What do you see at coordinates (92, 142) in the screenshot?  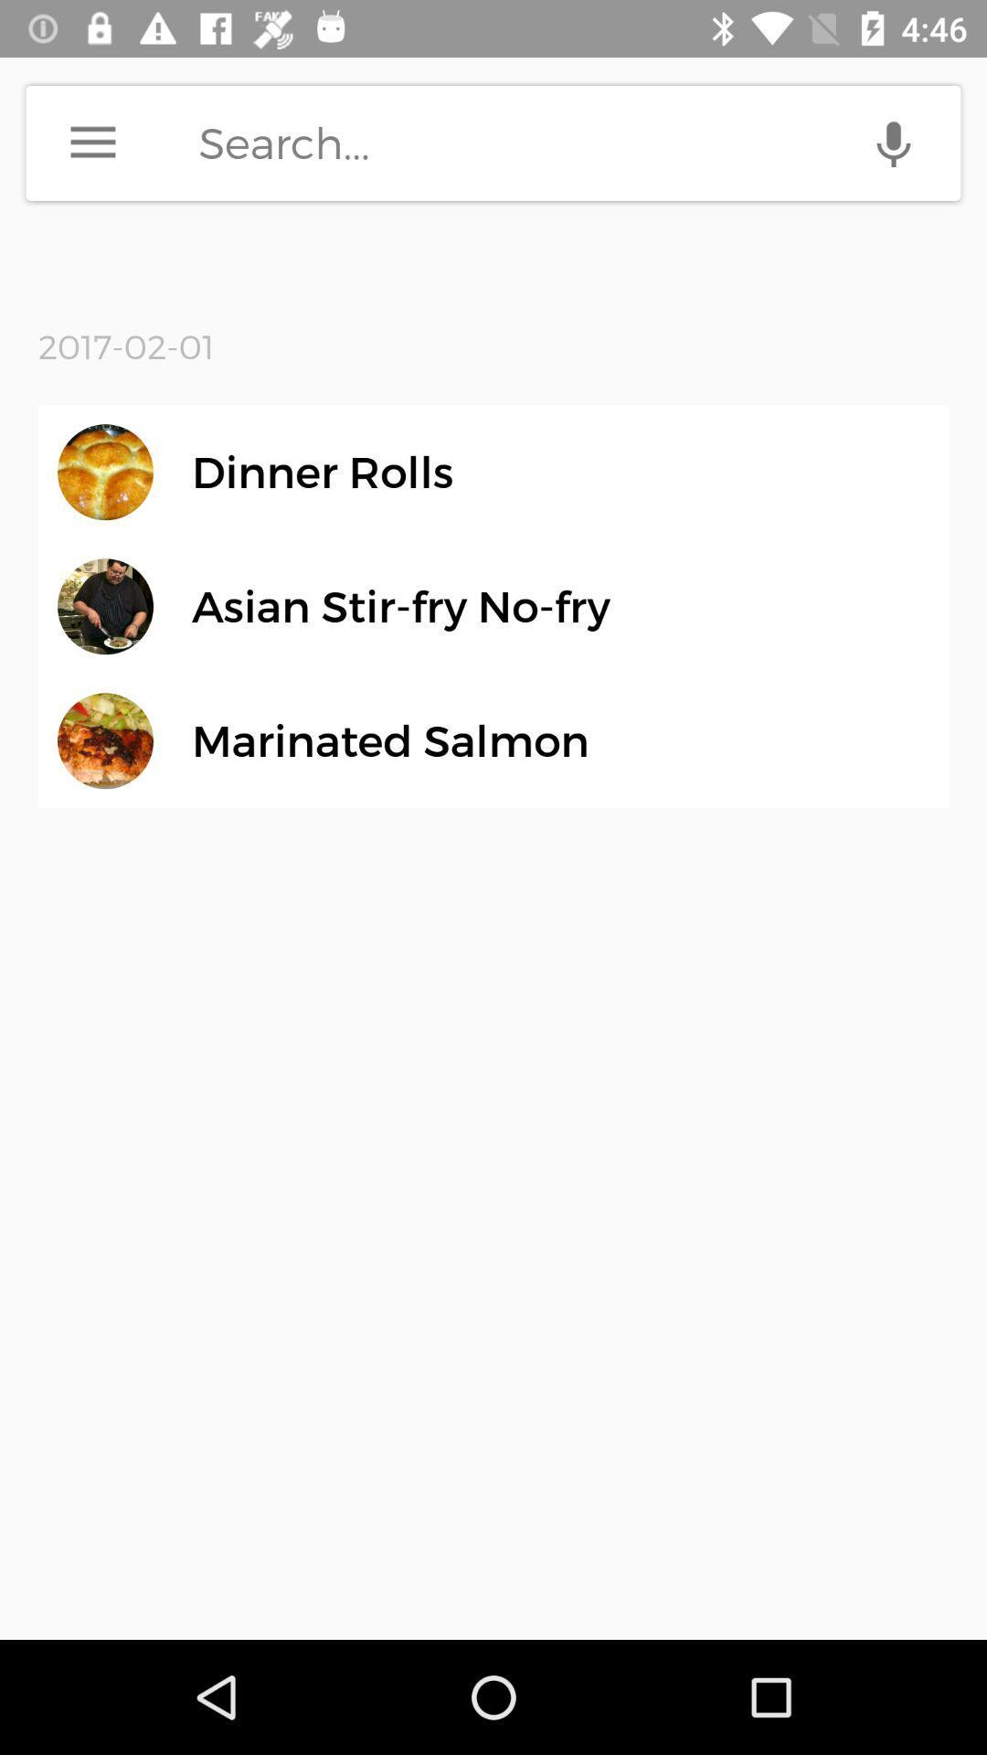 I see `menu` at bounding box center [92, 142].